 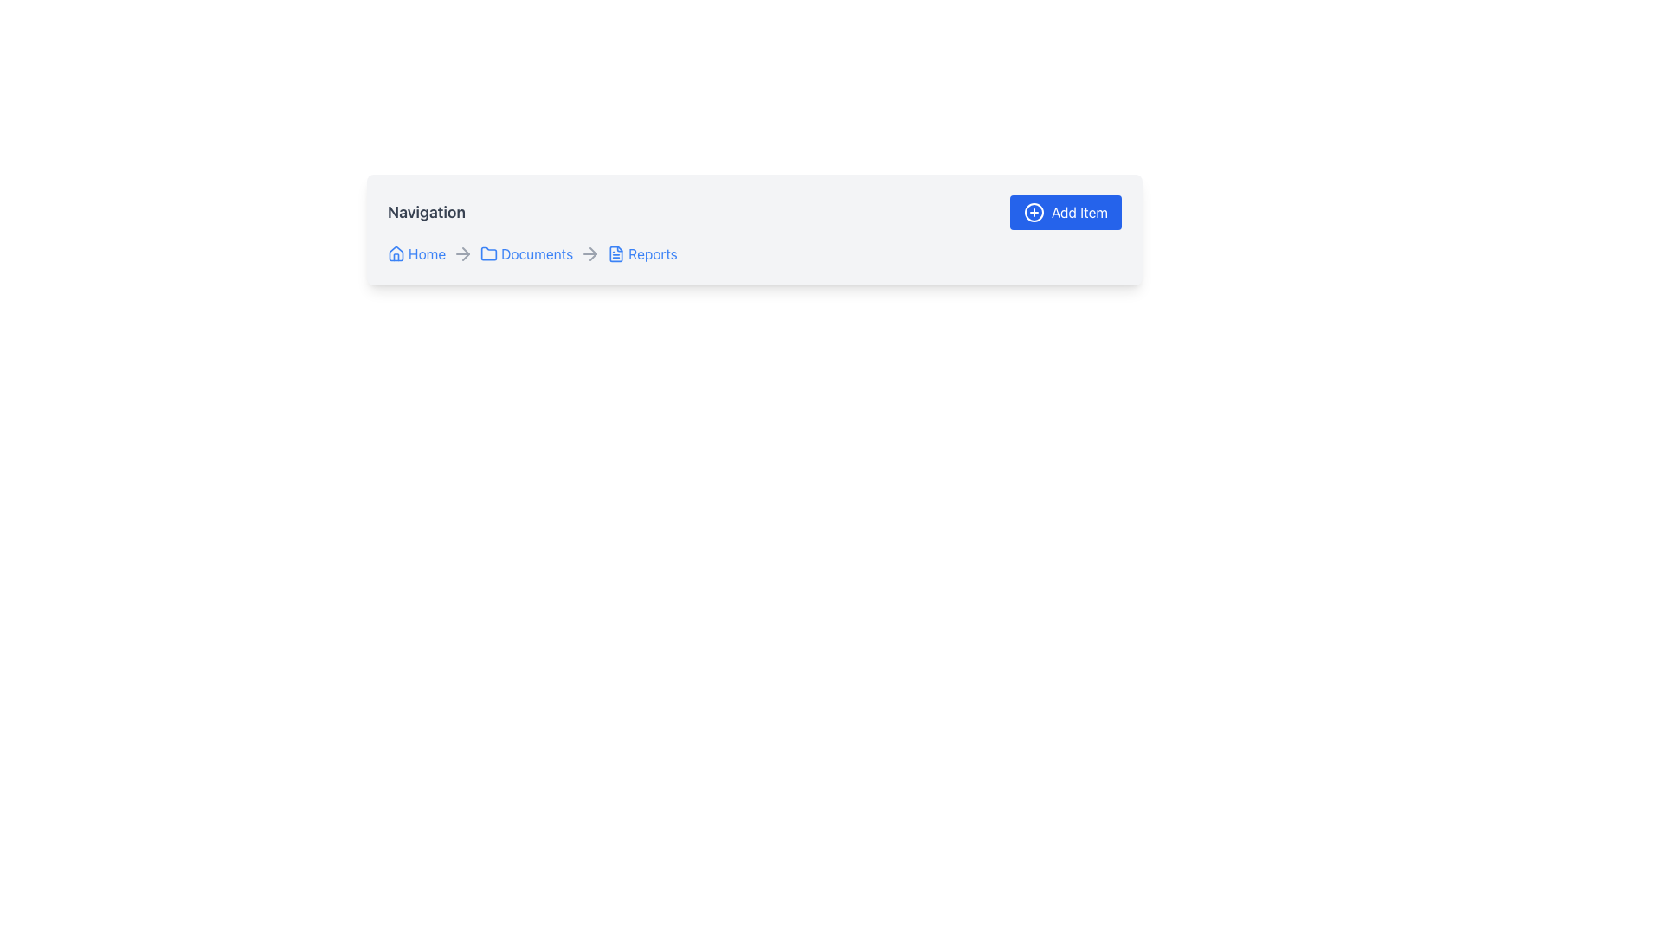 What do you see at coordinates (427, 253) in the screenshot?
I see `the 'Home' text link in the breadcrumb navigation bar` at bounding box center [427, 253].